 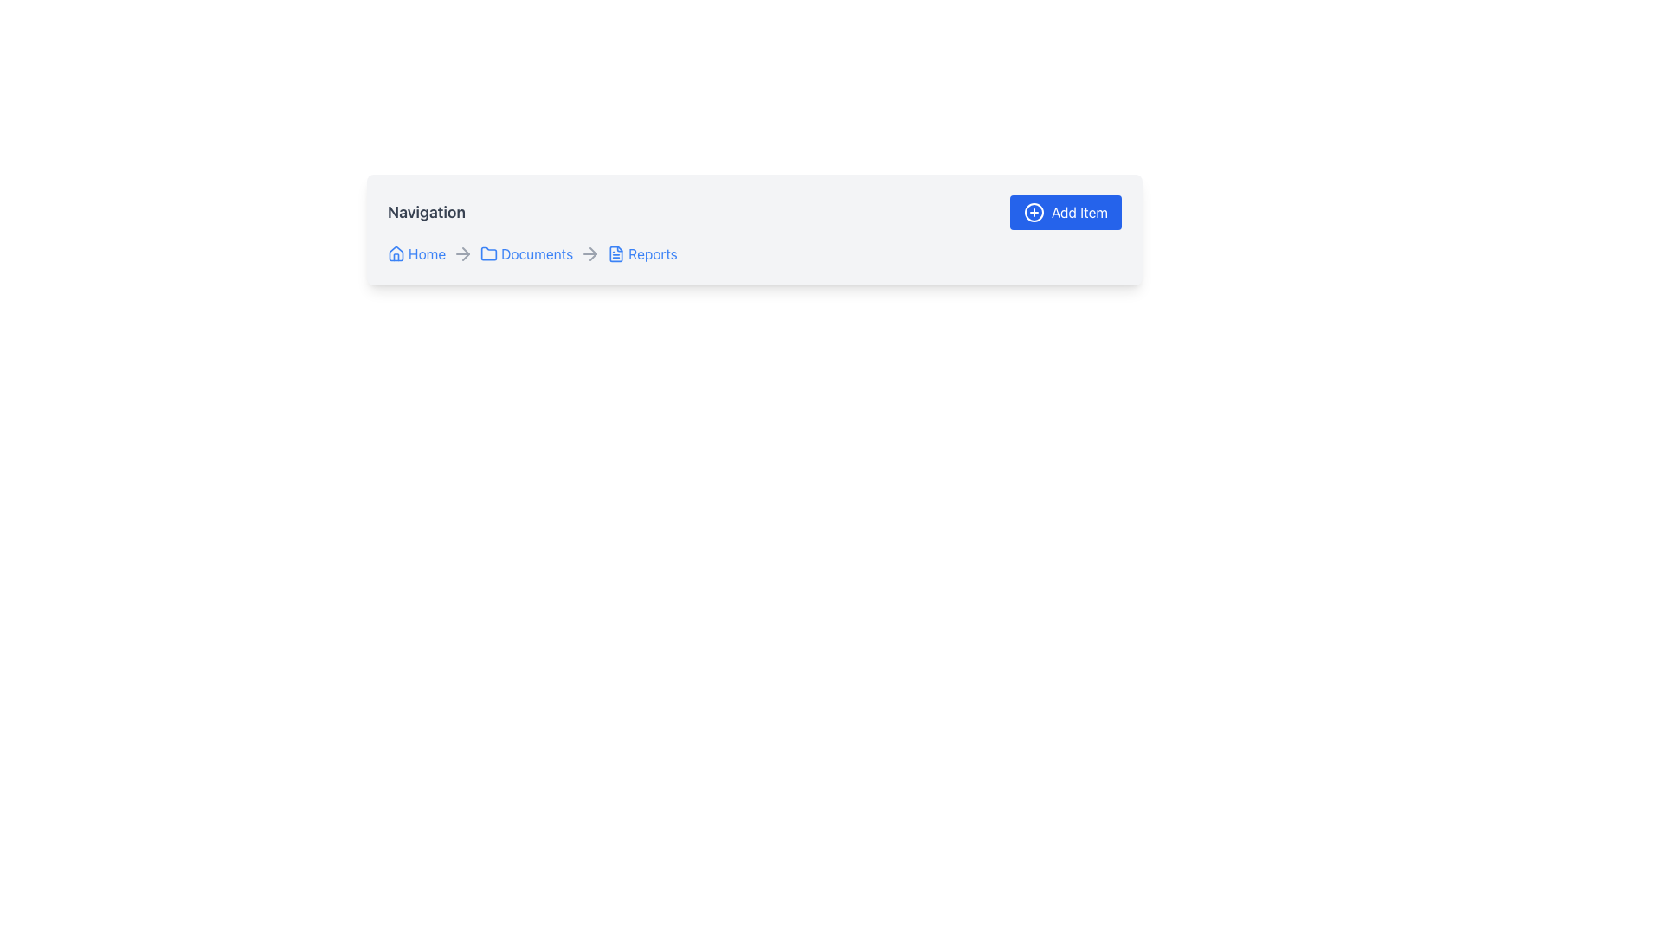 What do you see at coordinates (427, 253) in the screenshot?
I see `the 'Home' text link in the breadcrumb navigation bar` at bounding box center [427, 253].